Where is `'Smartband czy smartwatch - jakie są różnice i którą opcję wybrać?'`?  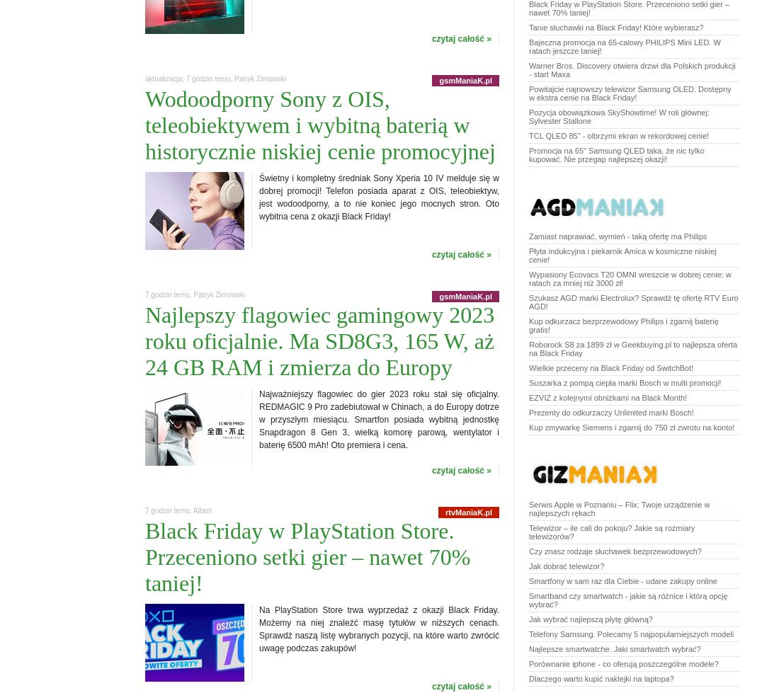
'Smartband czy smartwatch - jakie są różnice i którą opcję wybrać?' is located at coordinates (627, 600).